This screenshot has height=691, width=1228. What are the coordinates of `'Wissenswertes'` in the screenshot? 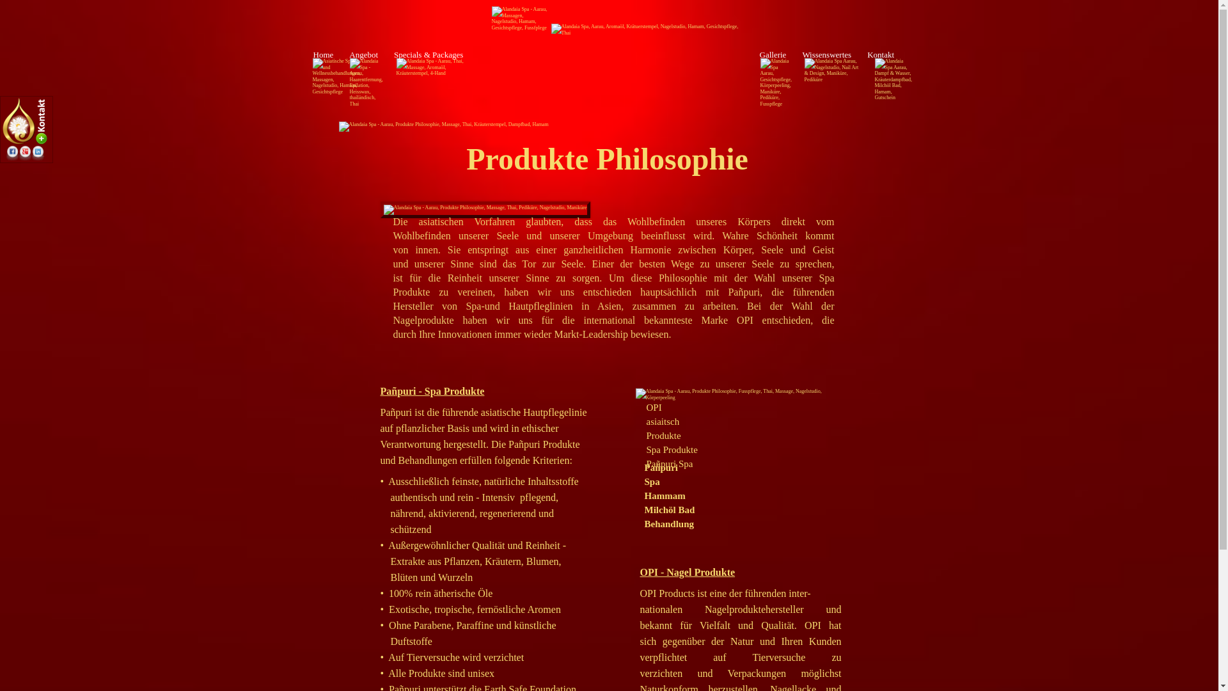 It's located at (826, 54).